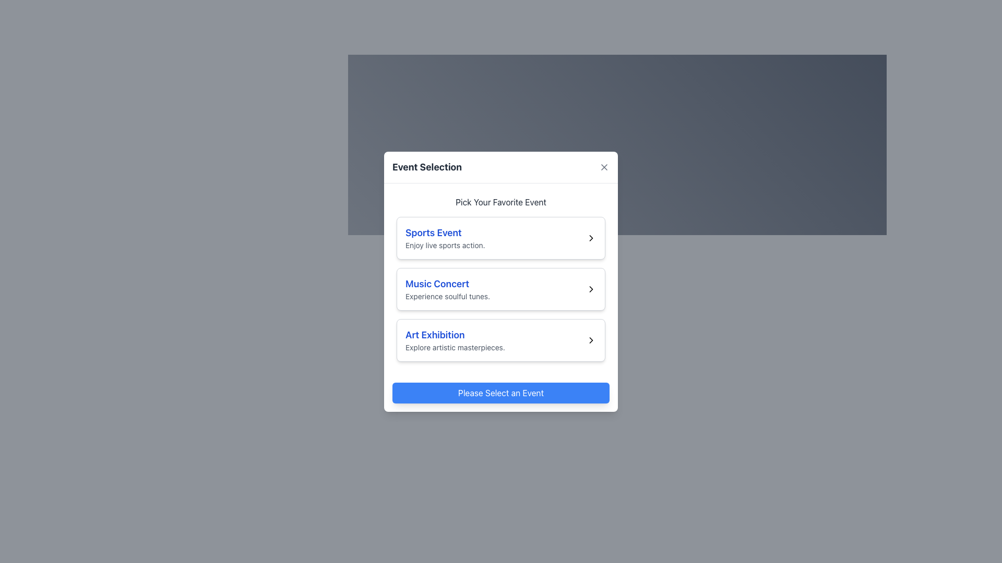  Describe the element at coordinates (455, 335) in the screenshot. I see `text of the Text Label indicating the selection option for exploring content related to art exhibitions, positioned above the subtext 'Explore artistic masterpieces.' and below 'Music Concert'` at that location.